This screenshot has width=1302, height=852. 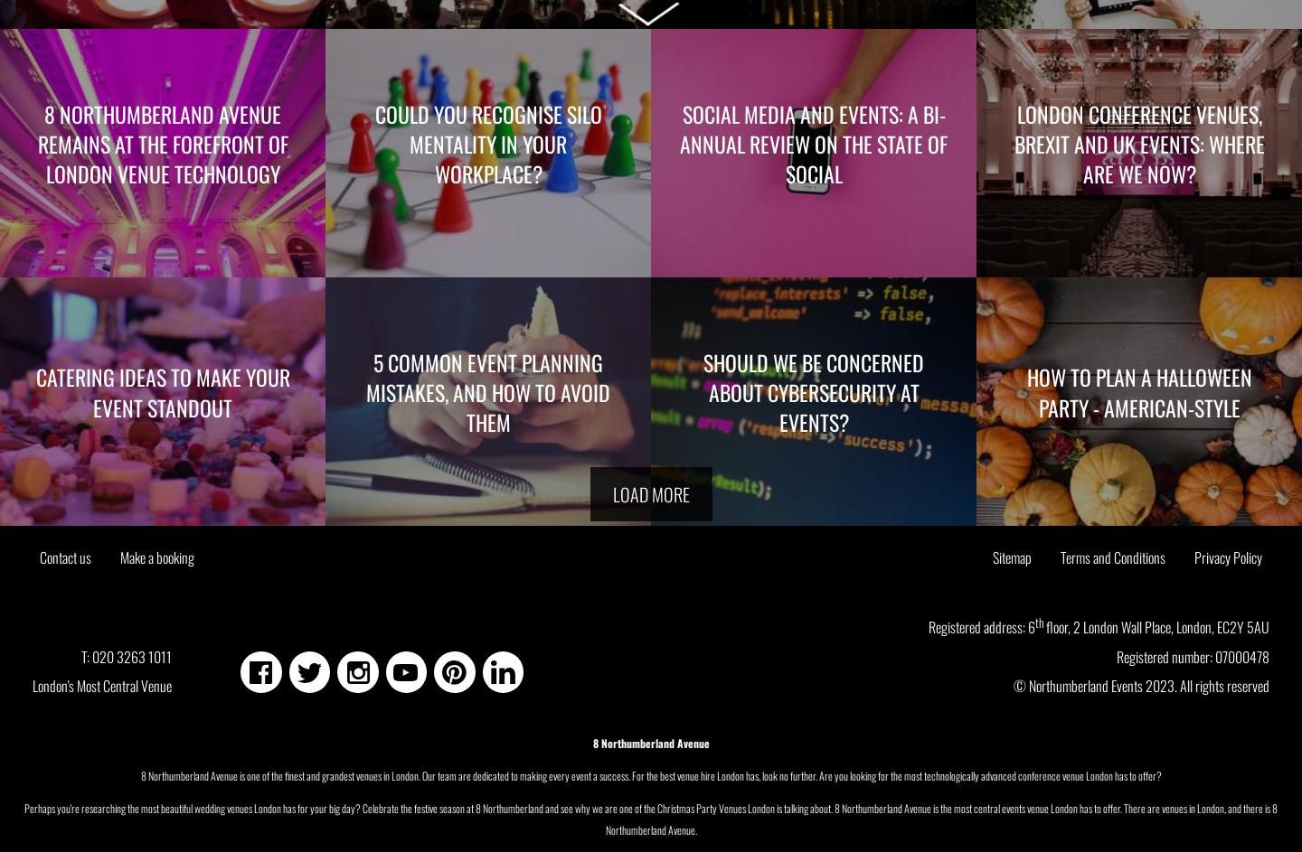 What do you see at coordinates (32, 684) in the screenshot?
I see `'London's Most Central Venue'` at bounding box center [32, 684].